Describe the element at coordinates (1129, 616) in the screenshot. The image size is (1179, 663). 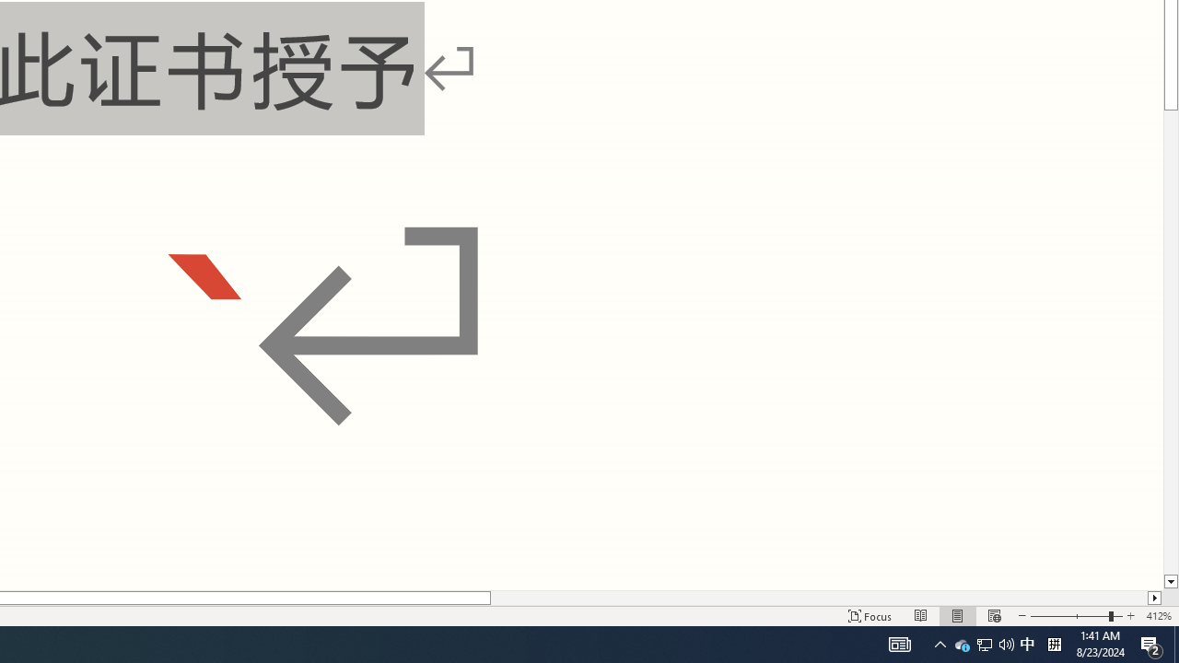
I see `'Zoom In'` at that location.